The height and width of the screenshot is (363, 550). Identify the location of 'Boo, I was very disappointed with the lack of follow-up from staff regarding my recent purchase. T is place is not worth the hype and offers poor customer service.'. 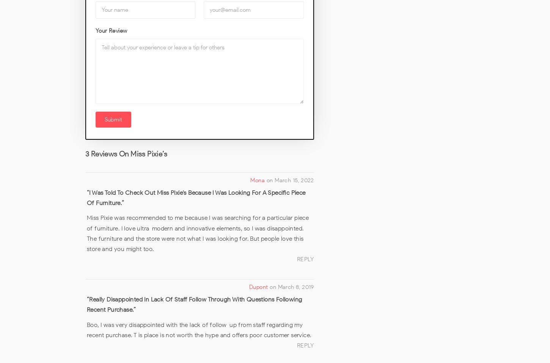
(86, 329).